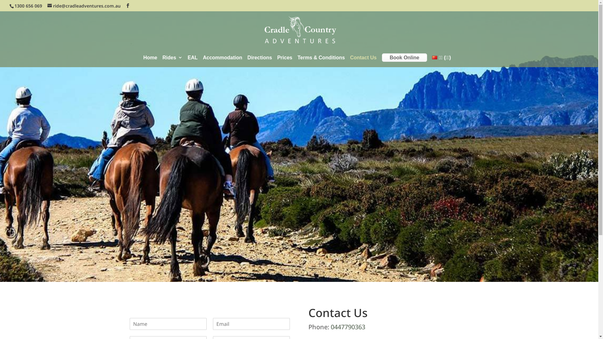 This screenshot has height=339, width=603. Describe the element at coordinates (363, 61) in the screenshot. I see `'Contact Us'` at that location.